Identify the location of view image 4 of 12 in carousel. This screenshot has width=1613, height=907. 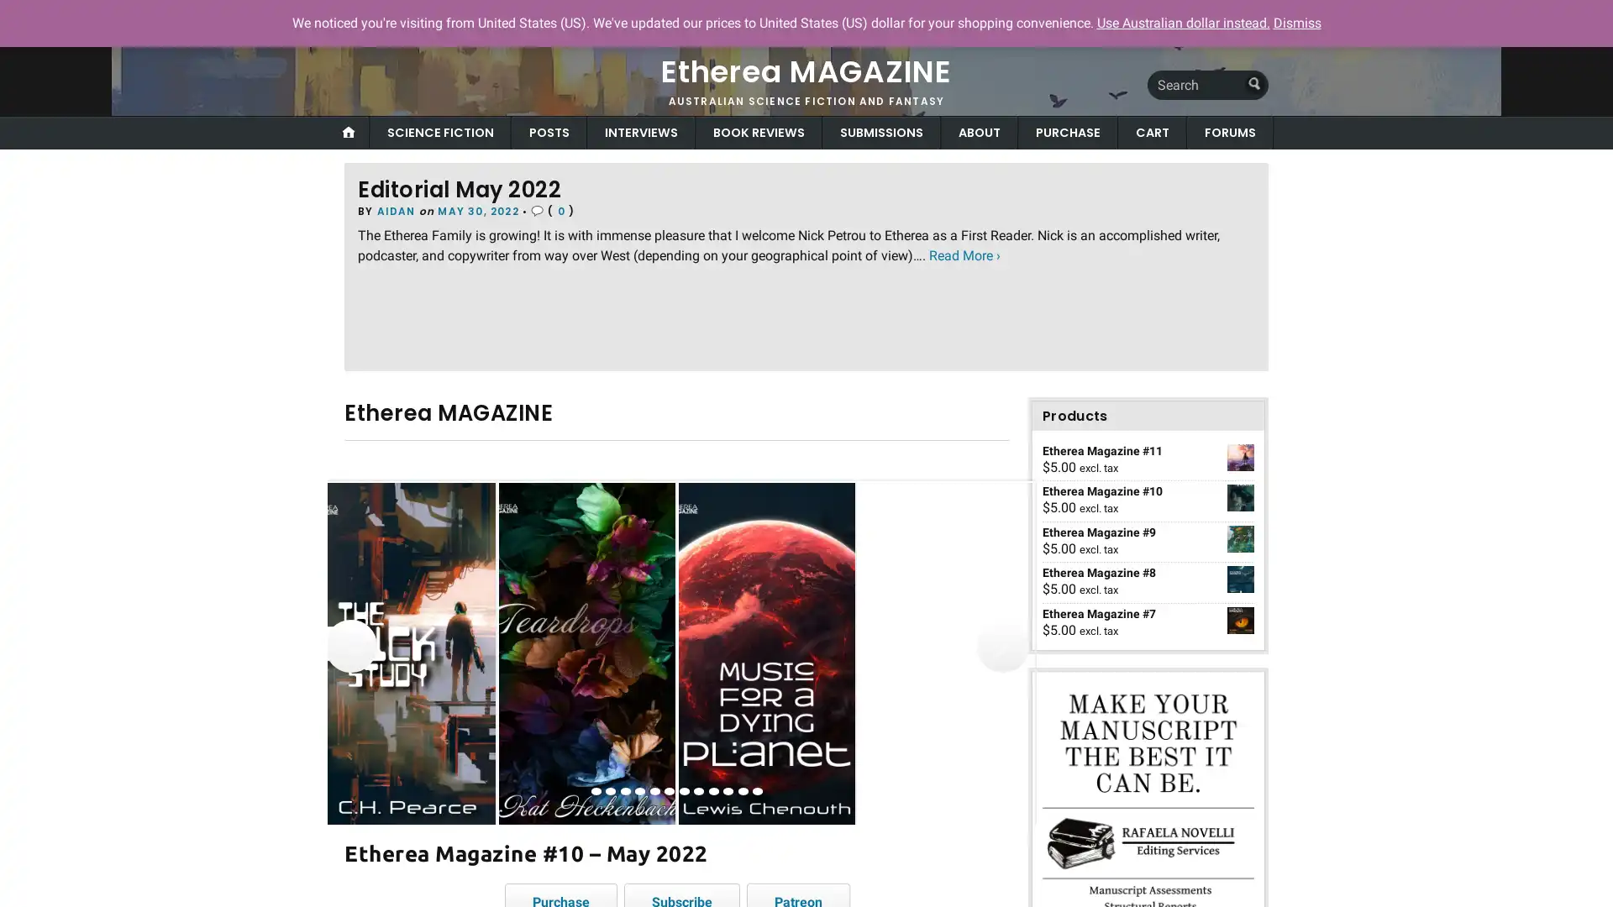
(639, 790).